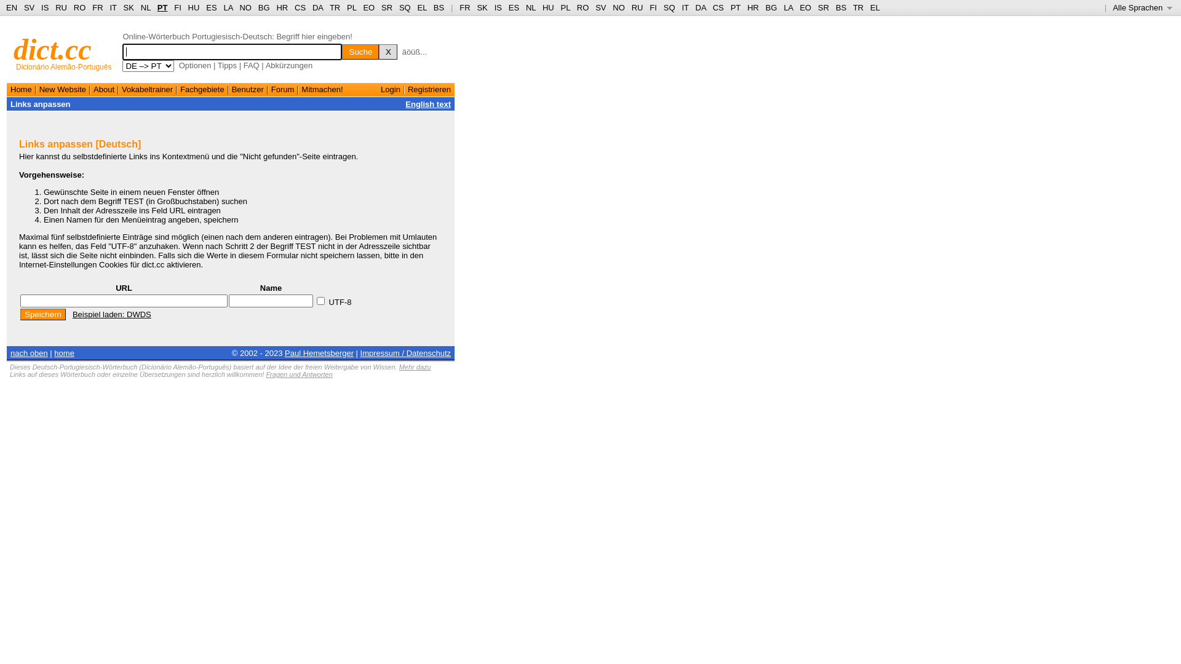 This screenshot has width=1181, height=664. I want to click on 'FI', so click(177, 7).